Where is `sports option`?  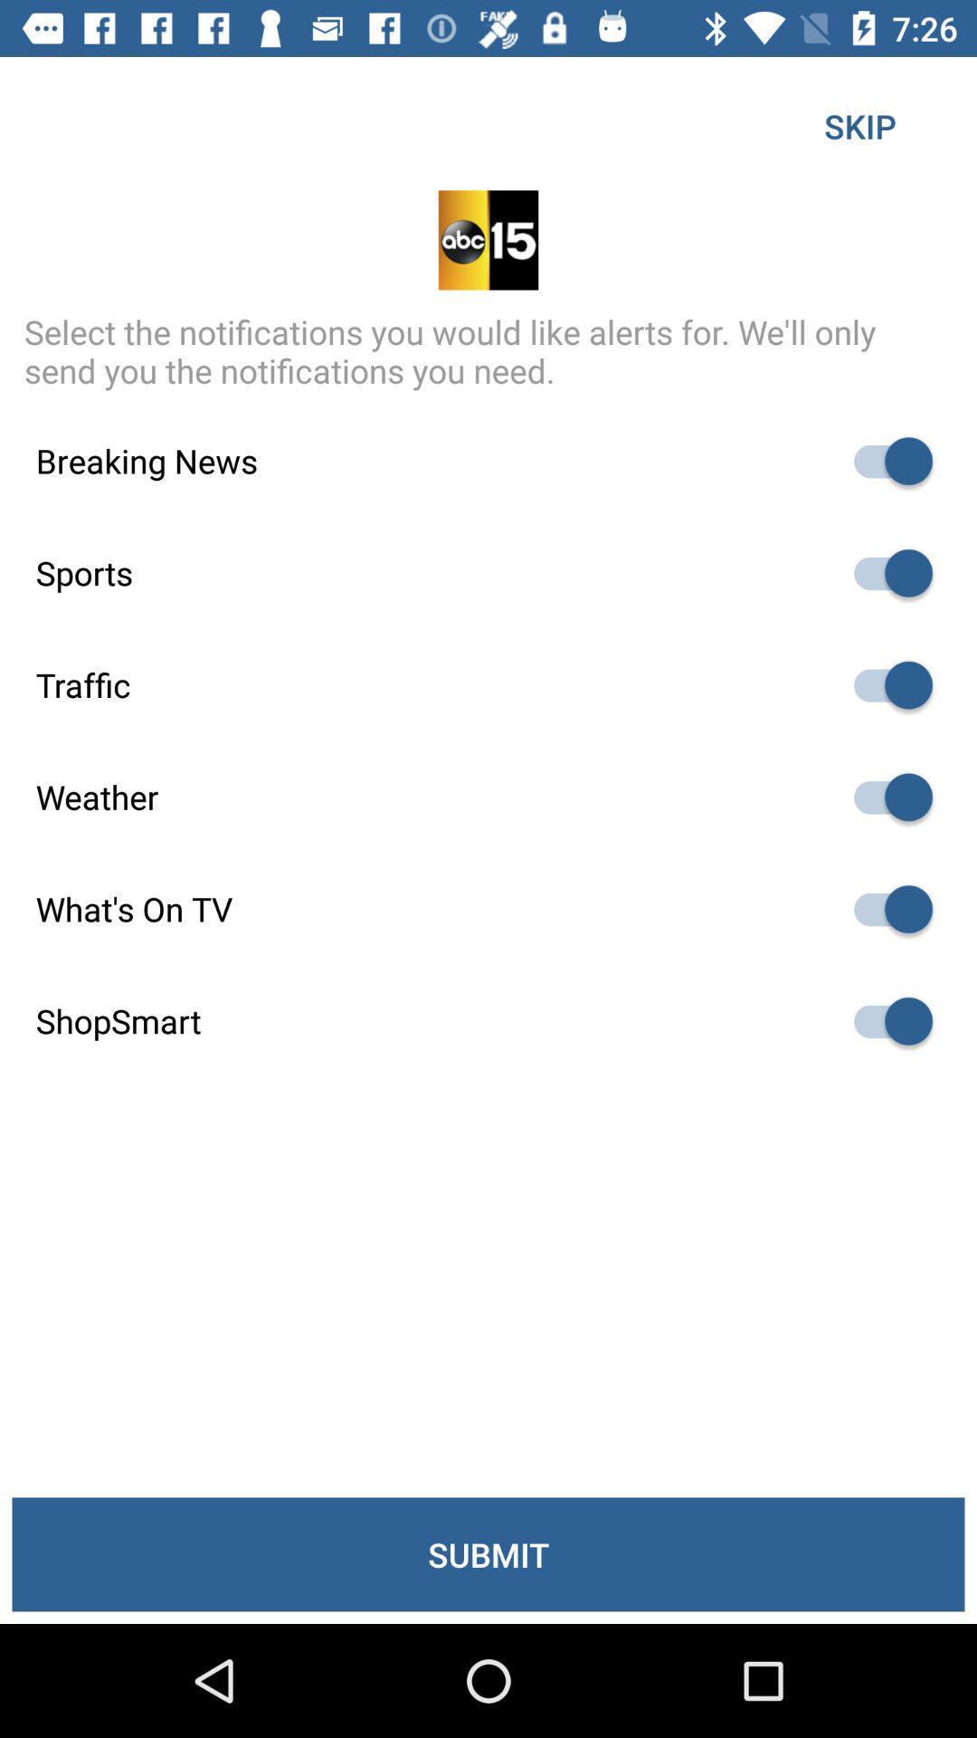
sports option is located at coordinates (884, 572).